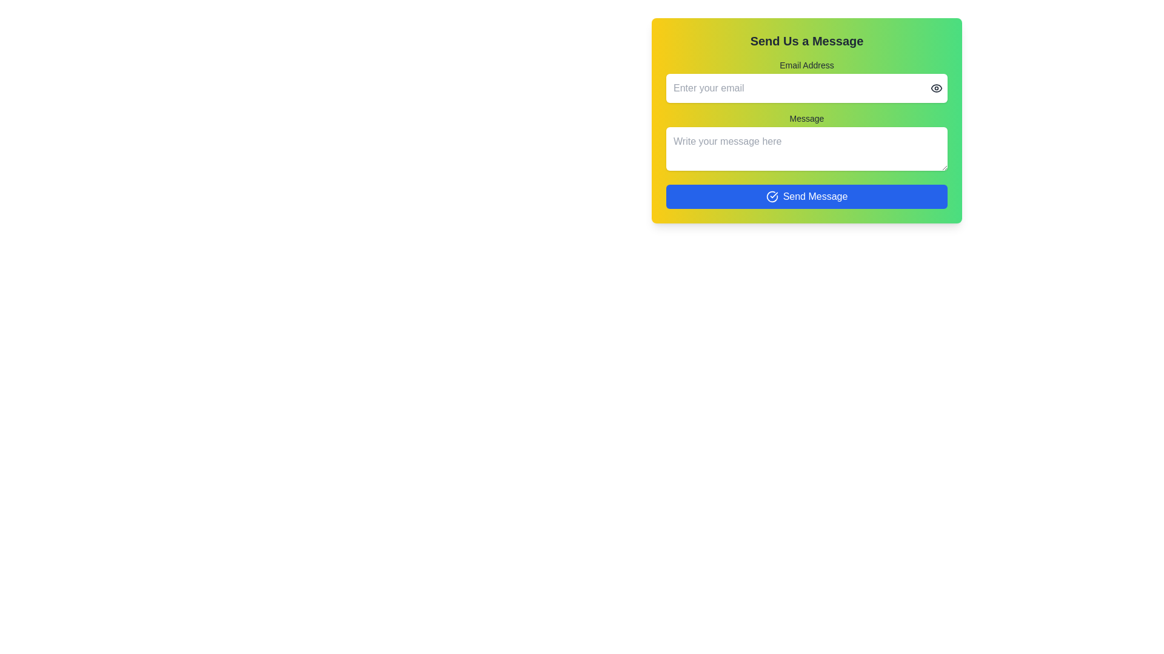 This screenshot has width=1164, height=654. Describe the element at coordinates (936, 88) in the screenshot. I see `the icon button located at the right edge of the email input field` at that location.